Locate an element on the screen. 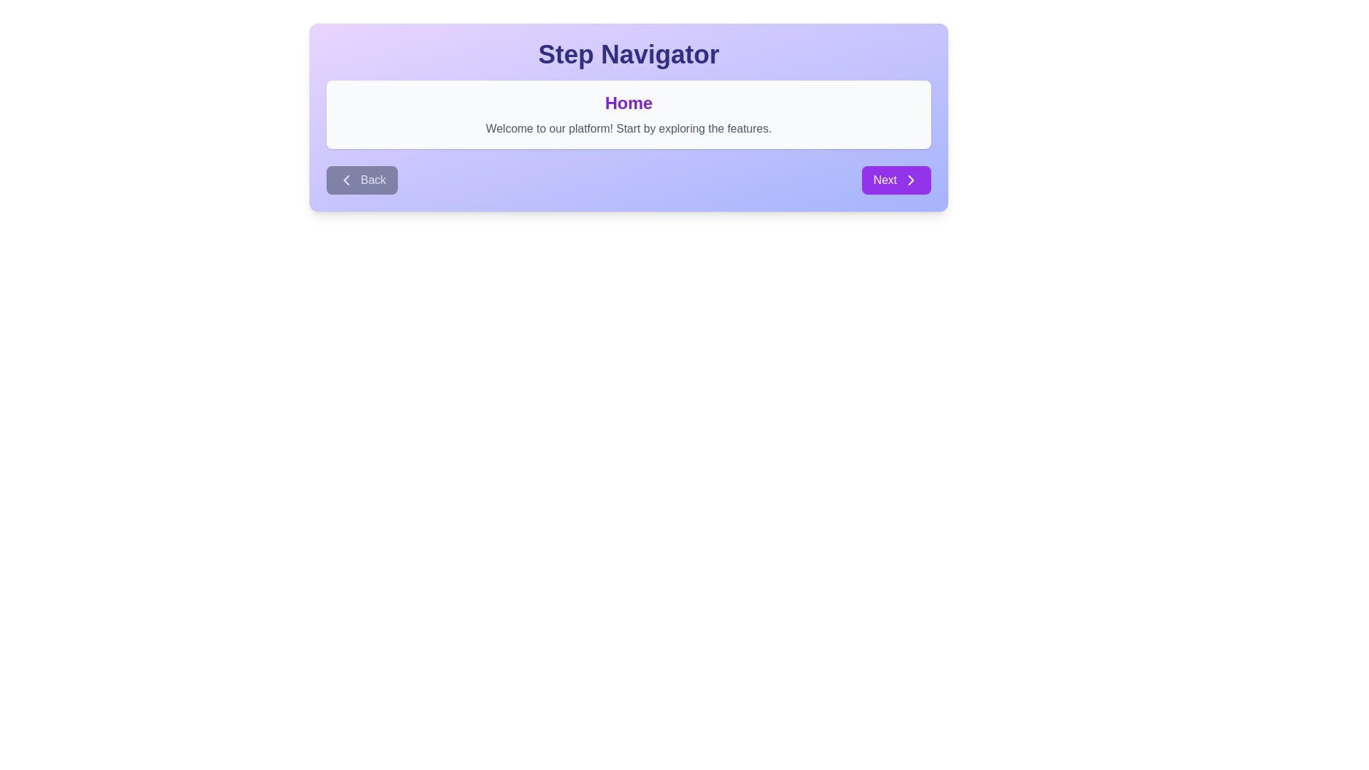  the 'Back' button with a left-facing arrow icon is located at coordinates (362, 180).